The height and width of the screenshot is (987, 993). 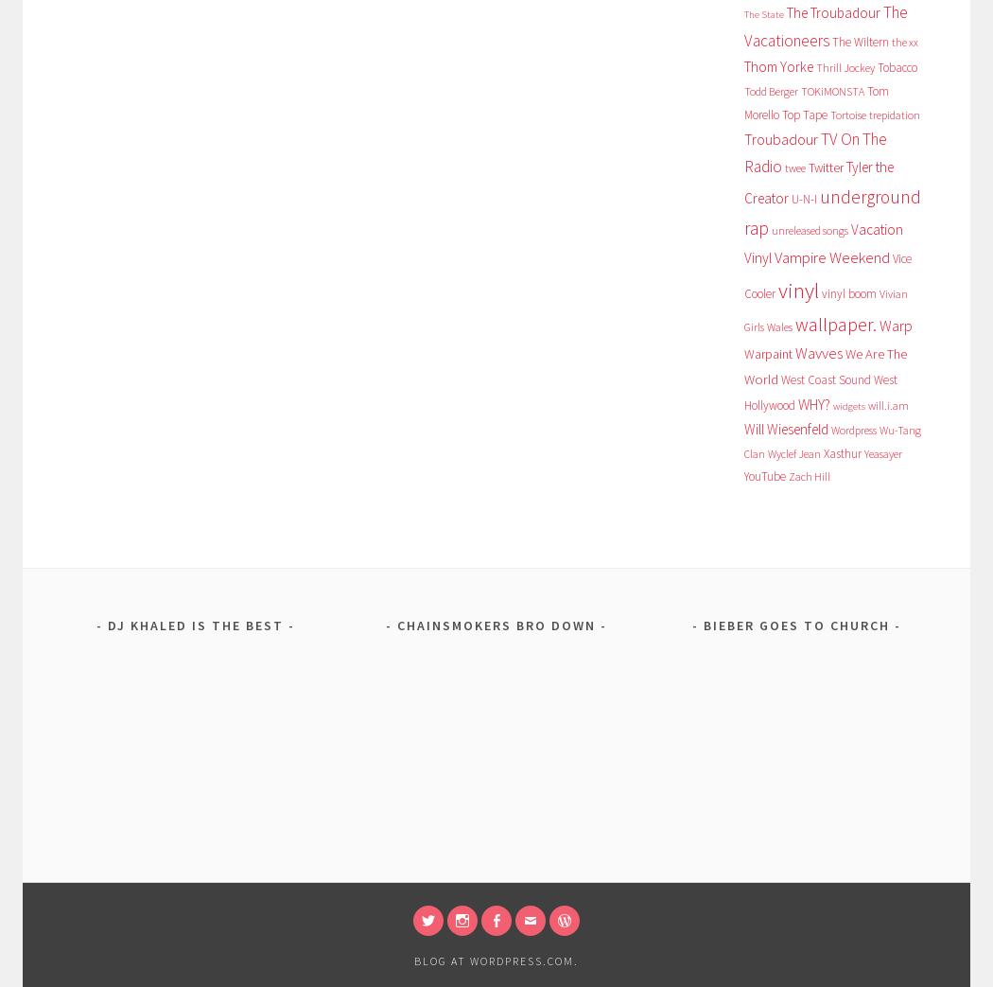 I want to click on 'TOKiMONSTA', so click(x=830, y=91).